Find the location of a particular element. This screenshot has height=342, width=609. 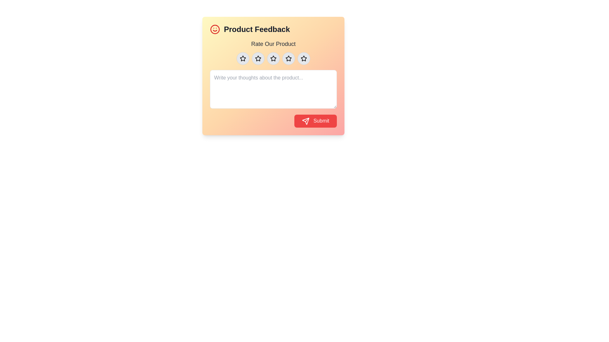

the fourth button in the five-level rating system located below the text 'Rate Our Product' is located at coordinates (288, 59).